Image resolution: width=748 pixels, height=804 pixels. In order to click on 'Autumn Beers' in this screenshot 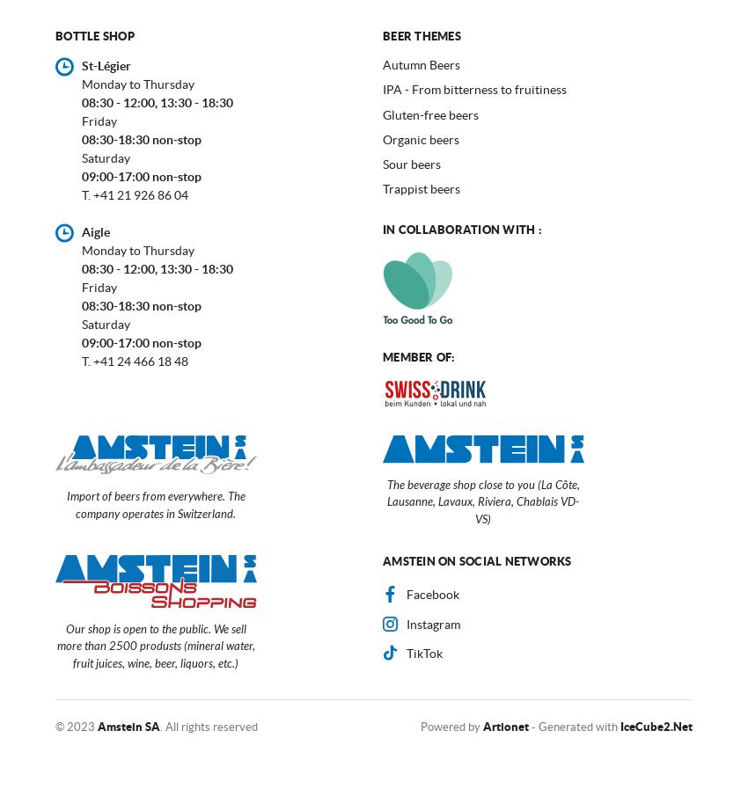, I will do `click(421, 64)`.